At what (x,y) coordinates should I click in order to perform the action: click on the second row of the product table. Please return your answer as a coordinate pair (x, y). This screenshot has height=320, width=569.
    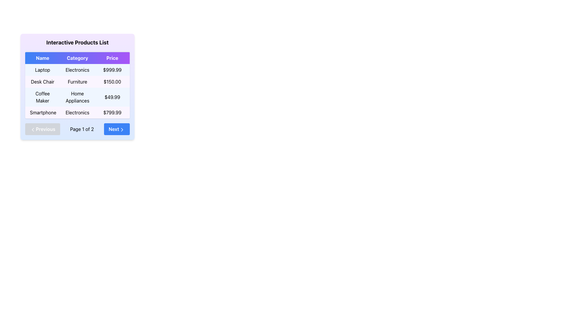
    Looking at the image, I should click on (77, 82).